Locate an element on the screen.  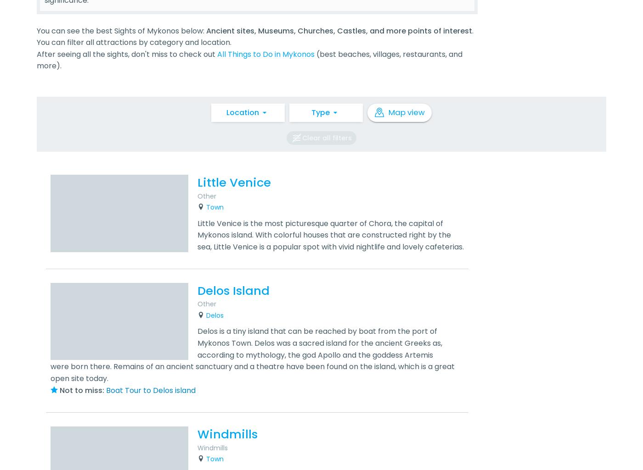
'Map view' is located at coordinates (406, 111).